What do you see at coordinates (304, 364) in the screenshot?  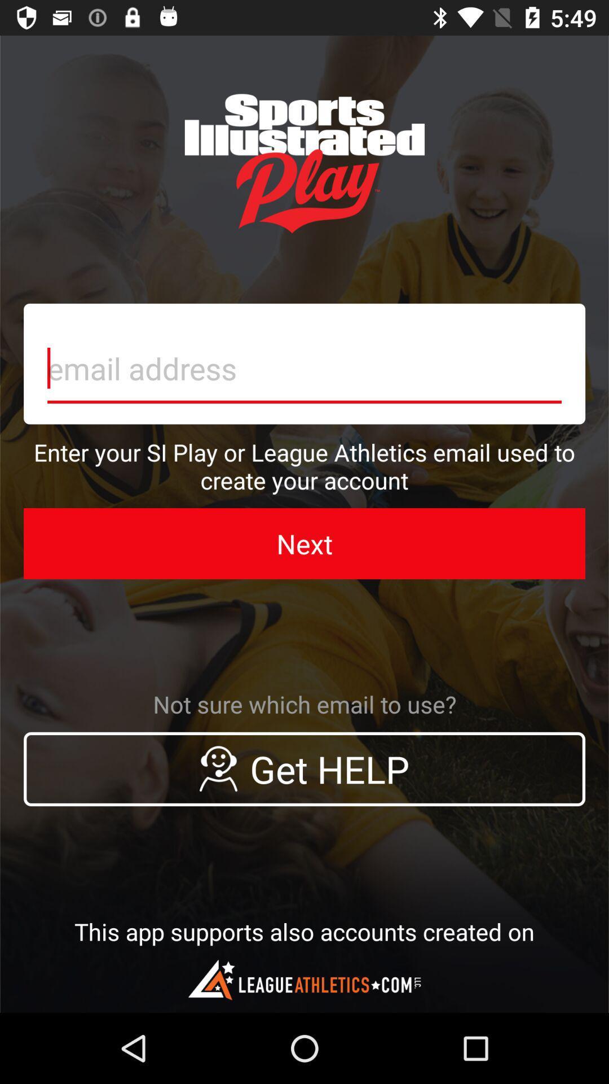 I see `the item above enter your si item` at bounding box center [304, 364].